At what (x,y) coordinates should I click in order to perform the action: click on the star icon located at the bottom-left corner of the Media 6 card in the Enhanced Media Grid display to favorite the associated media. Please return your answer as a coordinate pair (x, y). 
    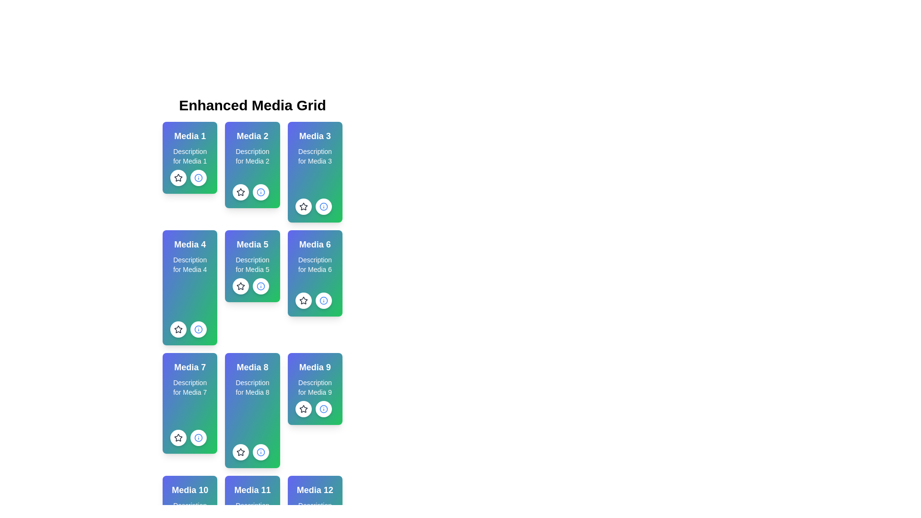
    Looking at the image, I should click on (303, 300).